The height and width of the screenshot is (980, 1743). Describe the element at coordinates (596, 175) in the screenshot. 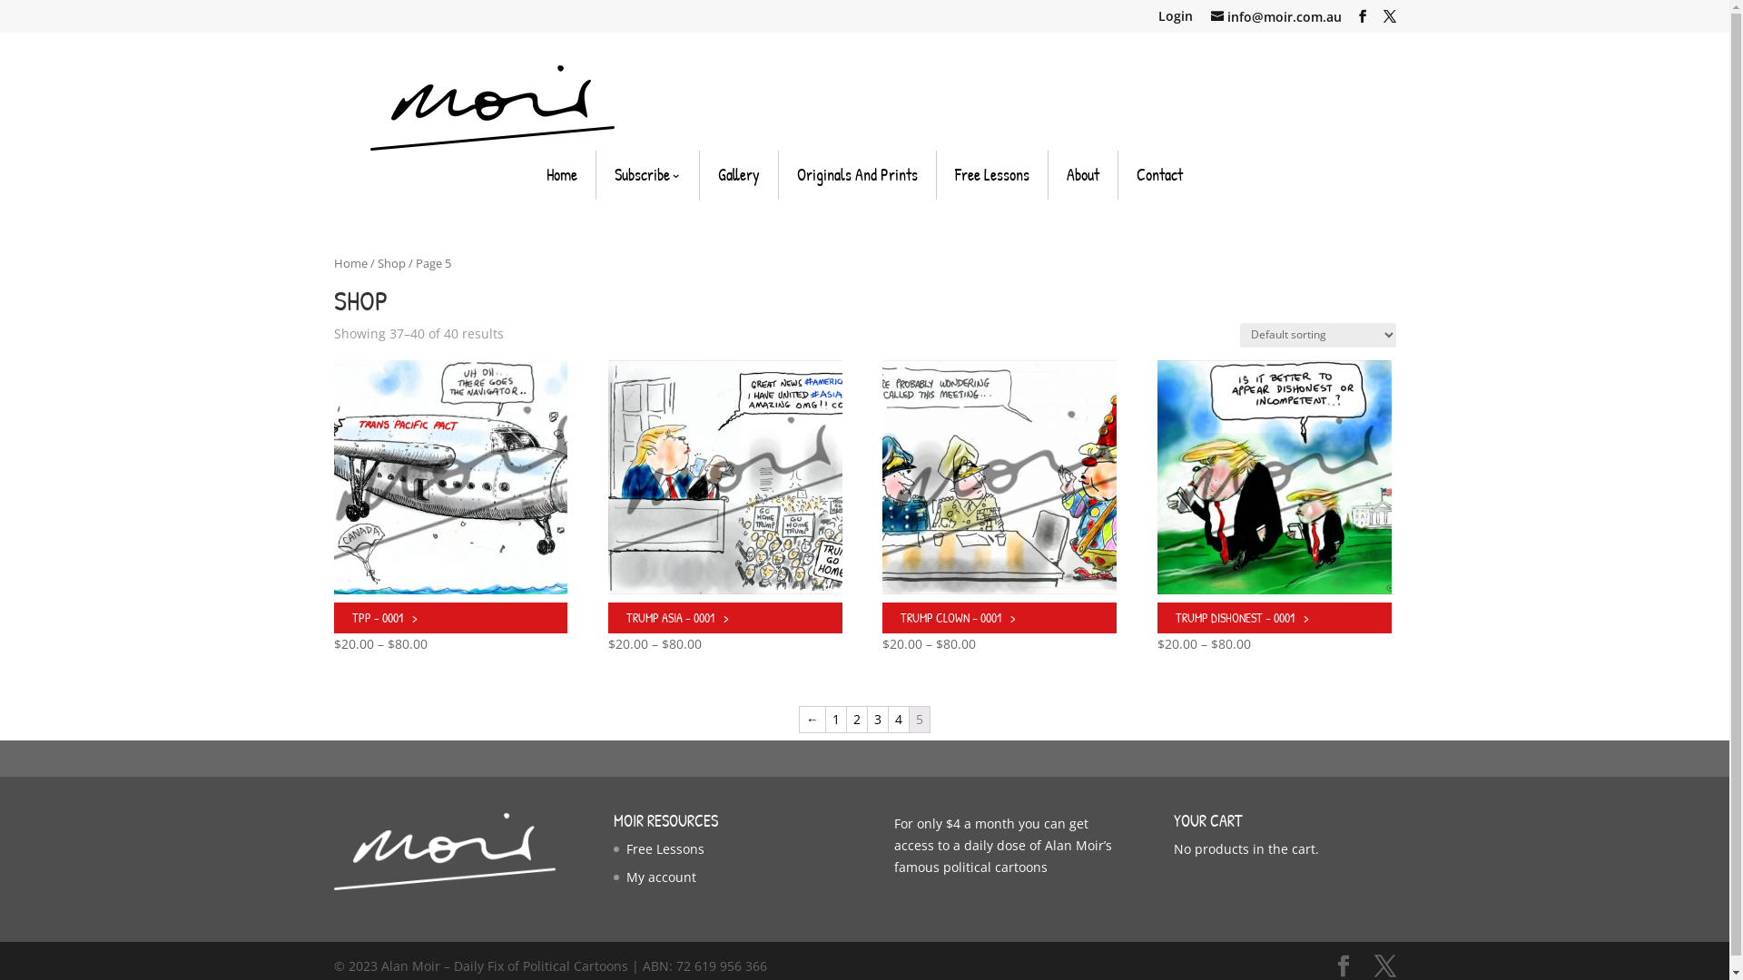

I see `'Subscribe'` at that location.